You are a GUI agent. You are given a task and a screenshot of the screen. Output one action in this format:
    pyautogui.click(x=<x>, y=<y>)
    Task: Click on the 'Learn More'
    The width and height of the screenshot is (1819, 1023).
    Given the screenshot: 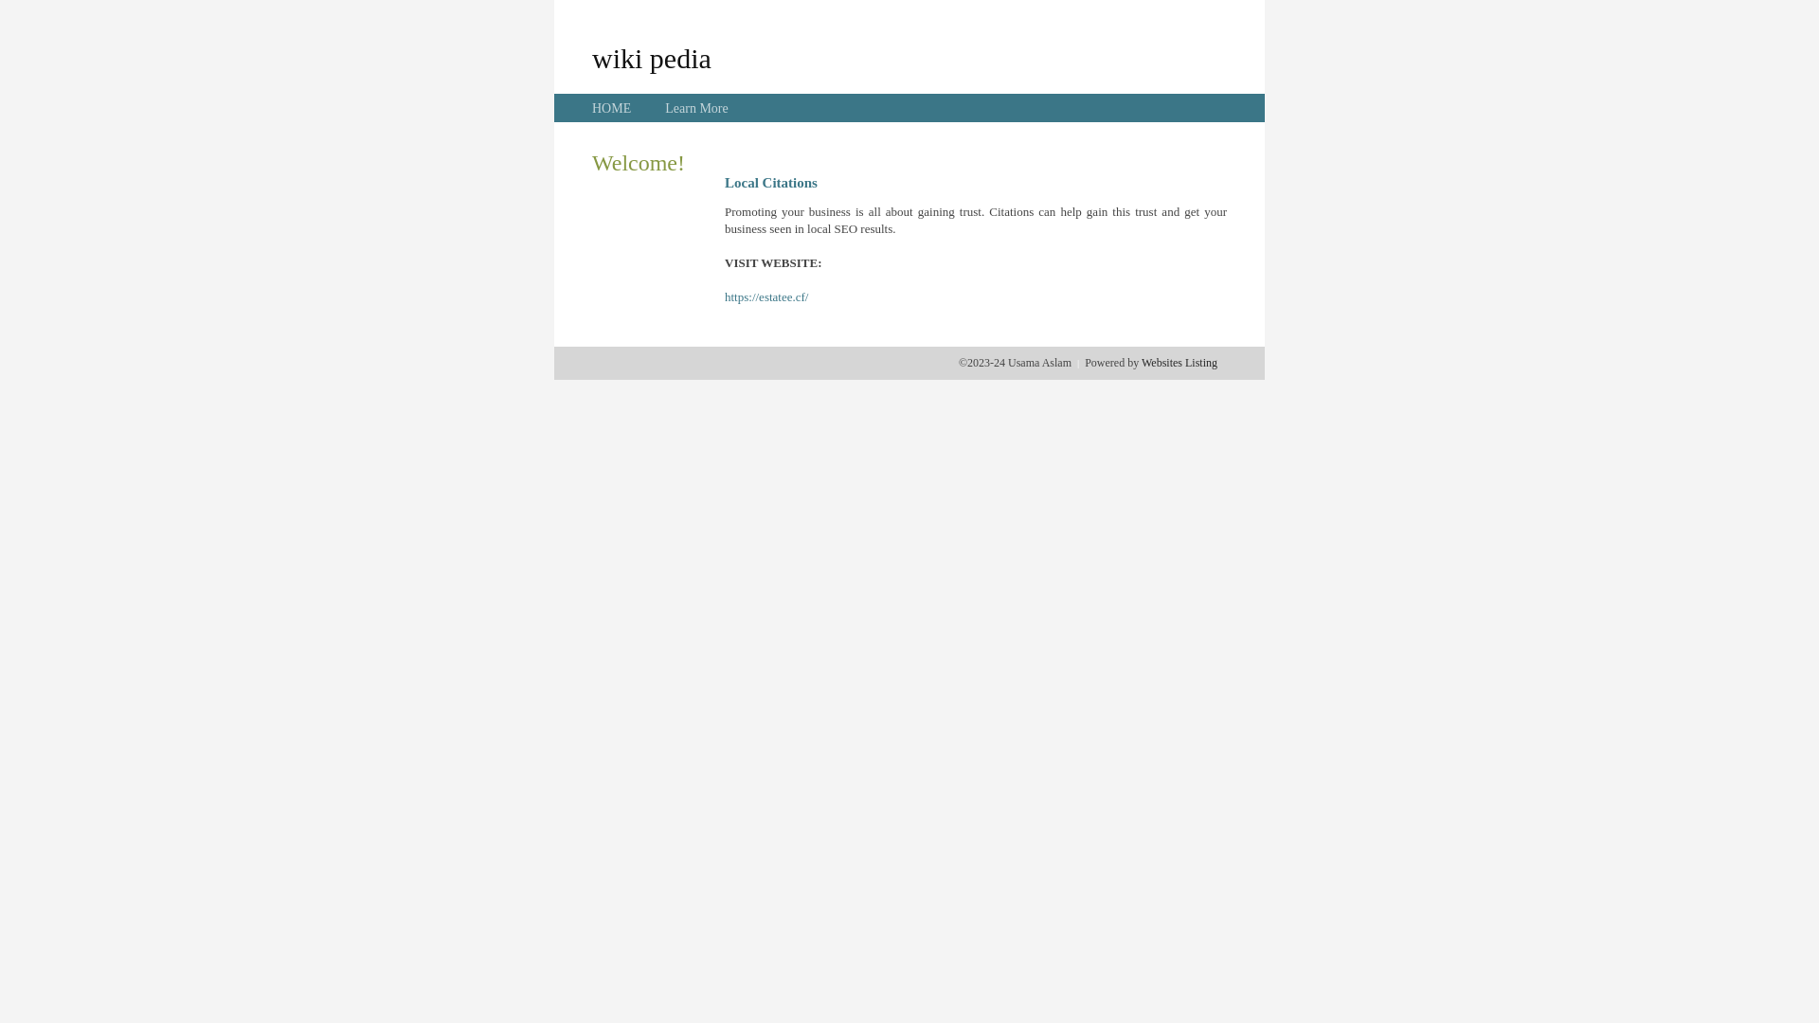 What is the action you would take?
    pyautogui.click(x=694, y=108)
    